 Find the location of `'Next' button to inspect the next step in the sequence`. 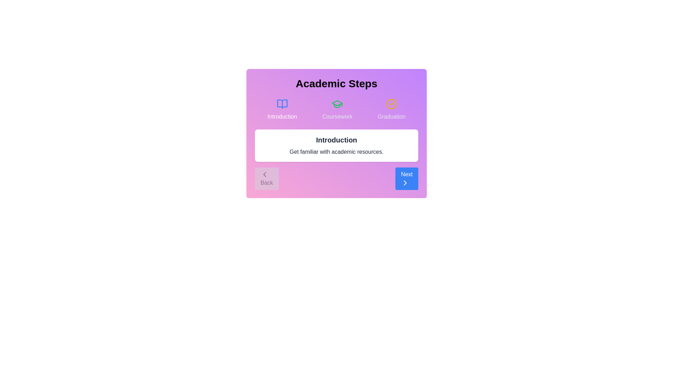

'Next' button to inspect the next step in the sequence is located at coordinates (407, 178).